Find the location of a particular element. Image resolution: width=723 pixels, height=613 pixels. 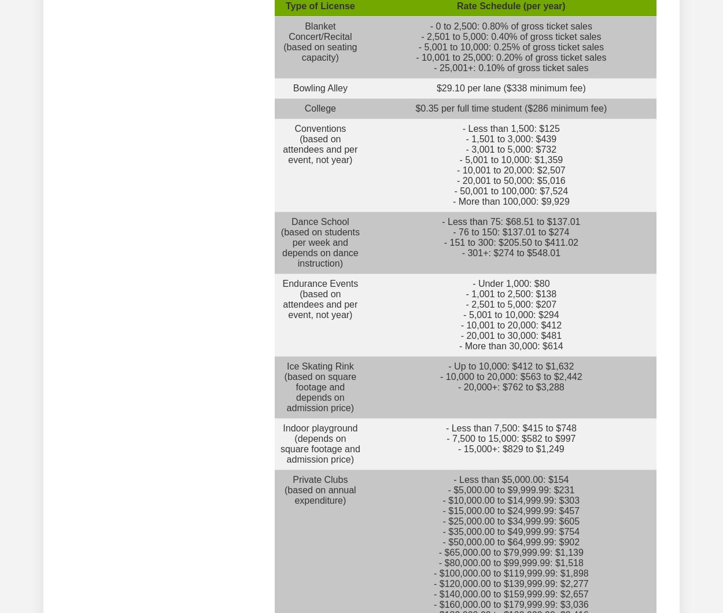

'- 76 to 150: $137.01 to $274' is located at coordinates (511, 231).